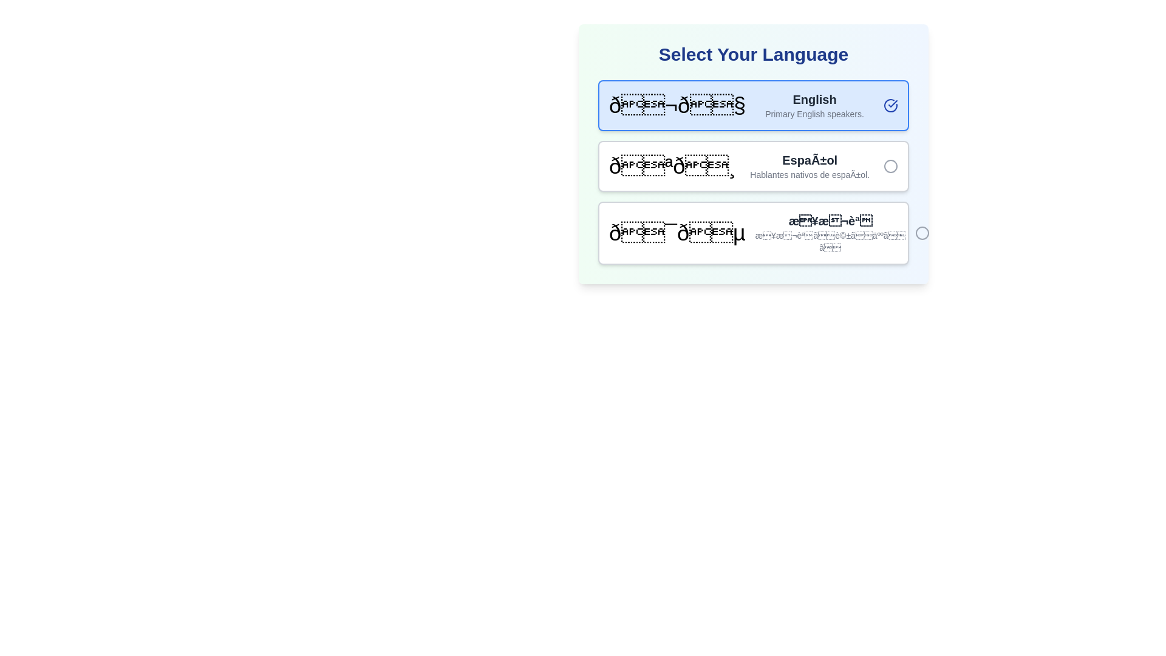 This screenshot has height=656, width=1166. What do you see at coordinates (922, 233) in the screenshot?
I see `the radio button for the 'Select Your Language' section, which is positioned at the bottom-most option and aligned to the right margin, to possibly reveal additional information` at bounding box center [922, 233].